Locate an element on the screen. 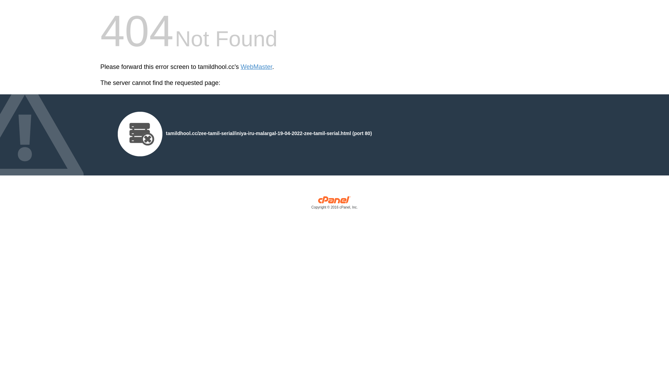  'WebMaster' is located at coordinates (256, 67).